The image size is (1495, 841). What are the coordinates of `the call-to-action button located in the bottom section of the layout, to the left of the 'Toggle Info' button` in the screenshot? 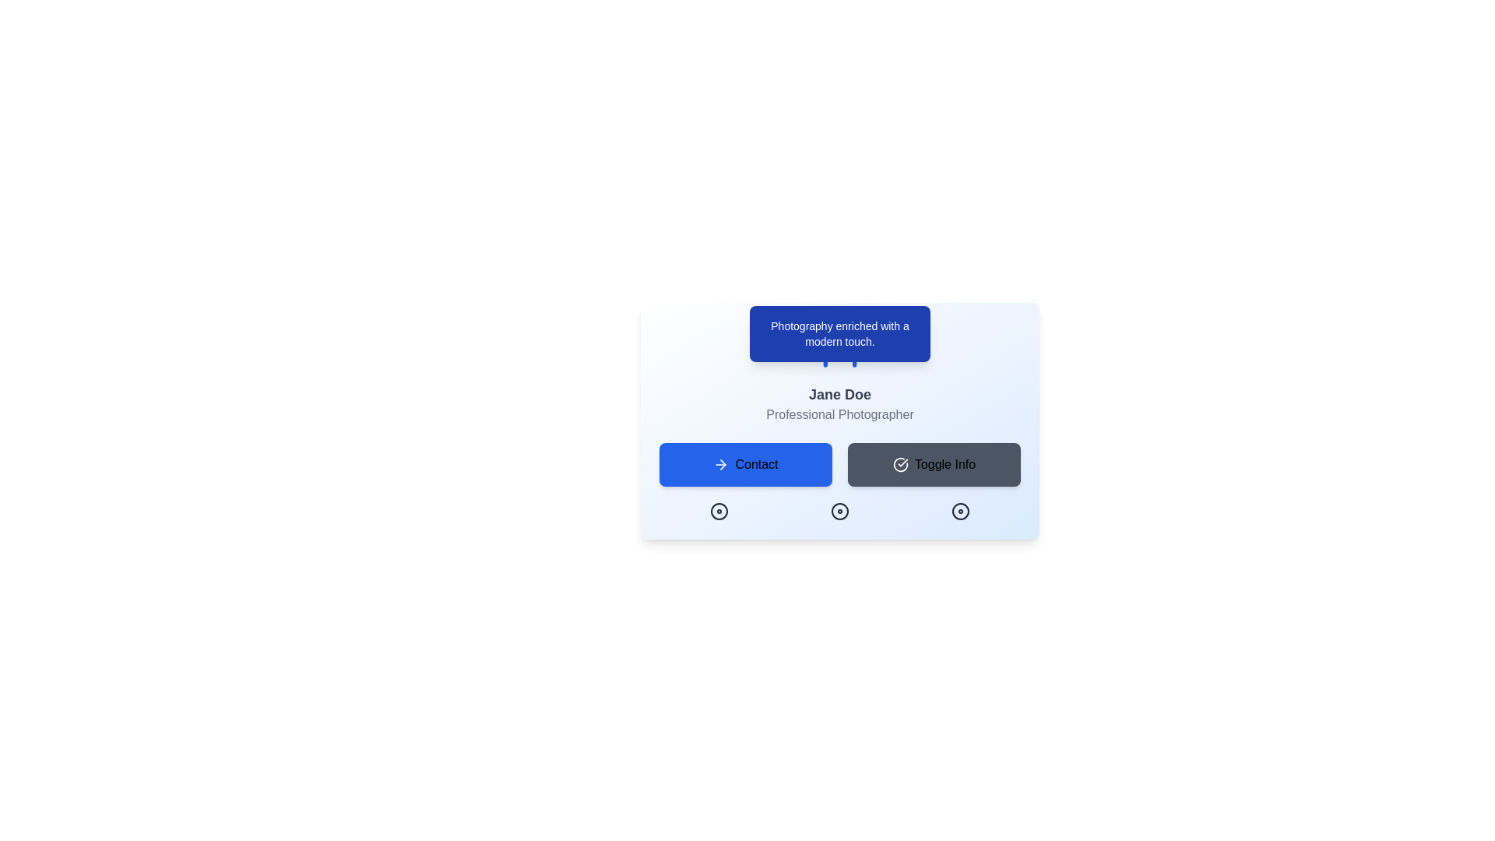 It's located at (745, 464).